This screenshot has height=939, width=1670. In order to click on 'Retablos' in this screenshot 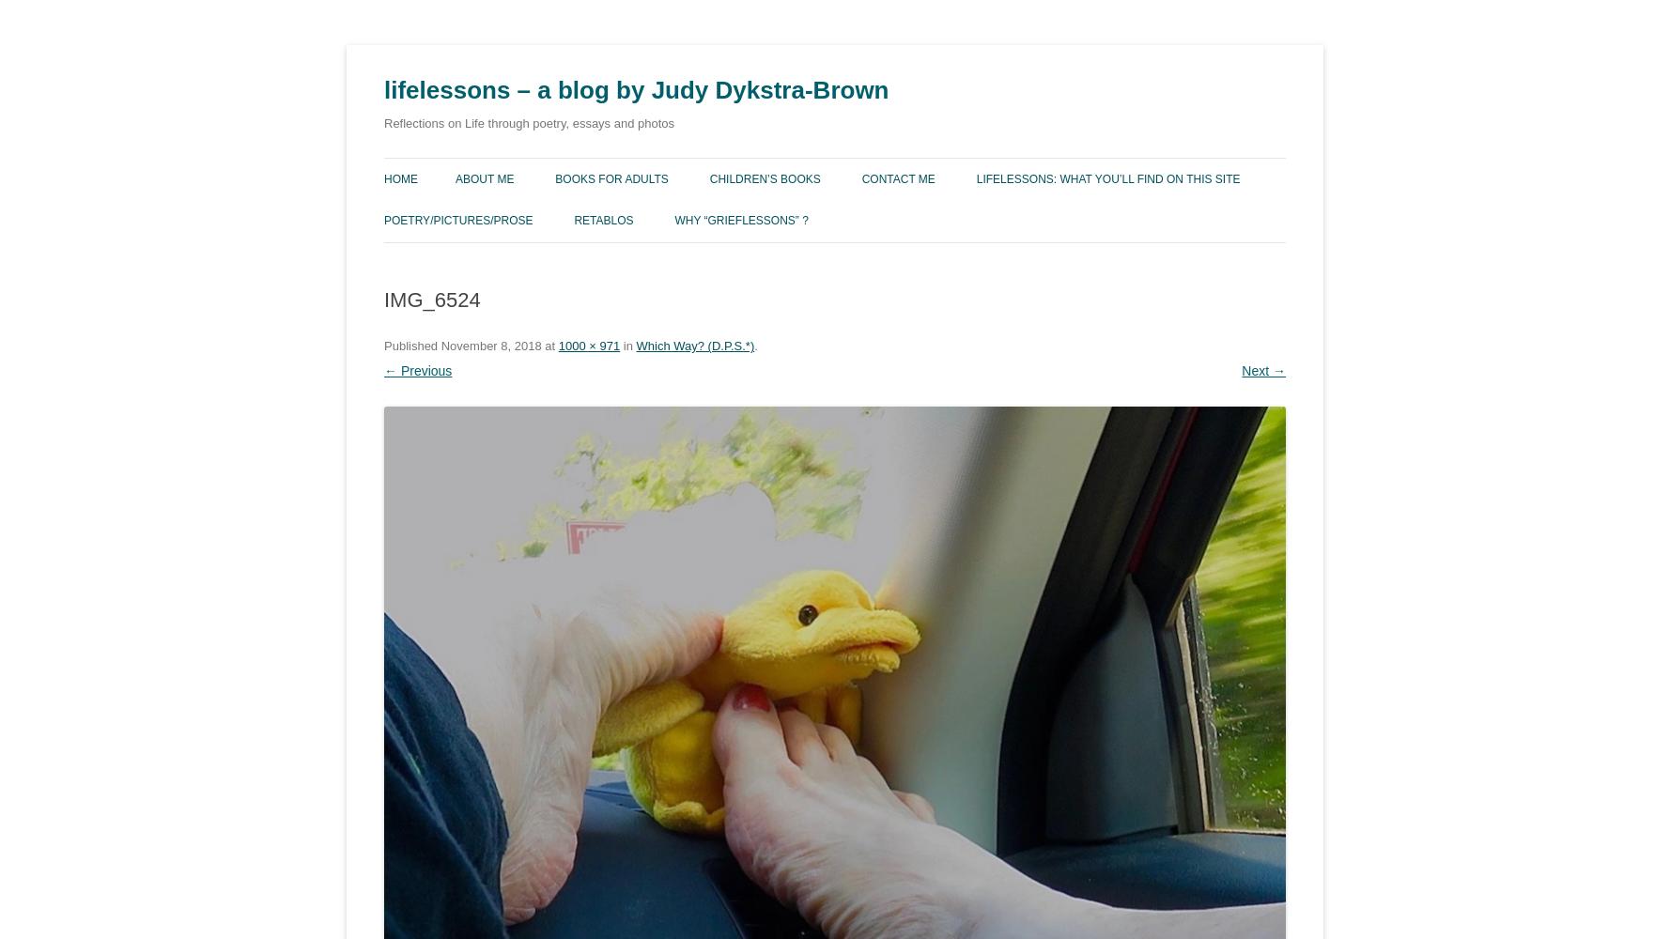, I will do `click(603, 220)`.